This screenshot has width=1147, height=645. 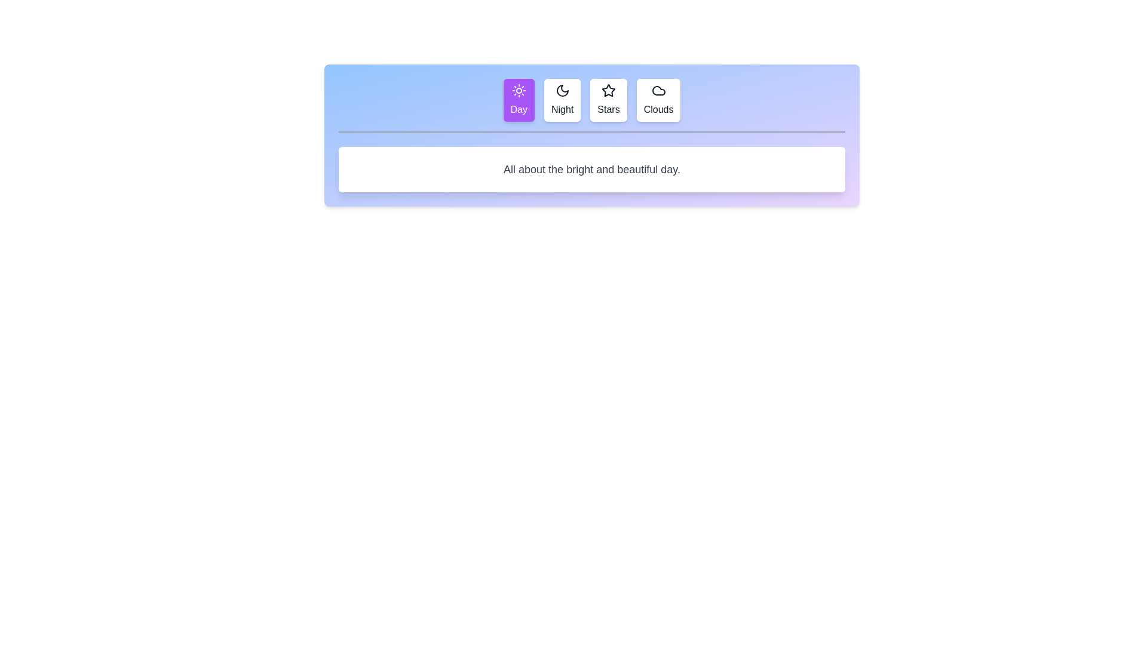 What do you see at coordinates (608, 100) in the screenshot?
I see `the tab labeled Stars` at bounding box center [608, 100].